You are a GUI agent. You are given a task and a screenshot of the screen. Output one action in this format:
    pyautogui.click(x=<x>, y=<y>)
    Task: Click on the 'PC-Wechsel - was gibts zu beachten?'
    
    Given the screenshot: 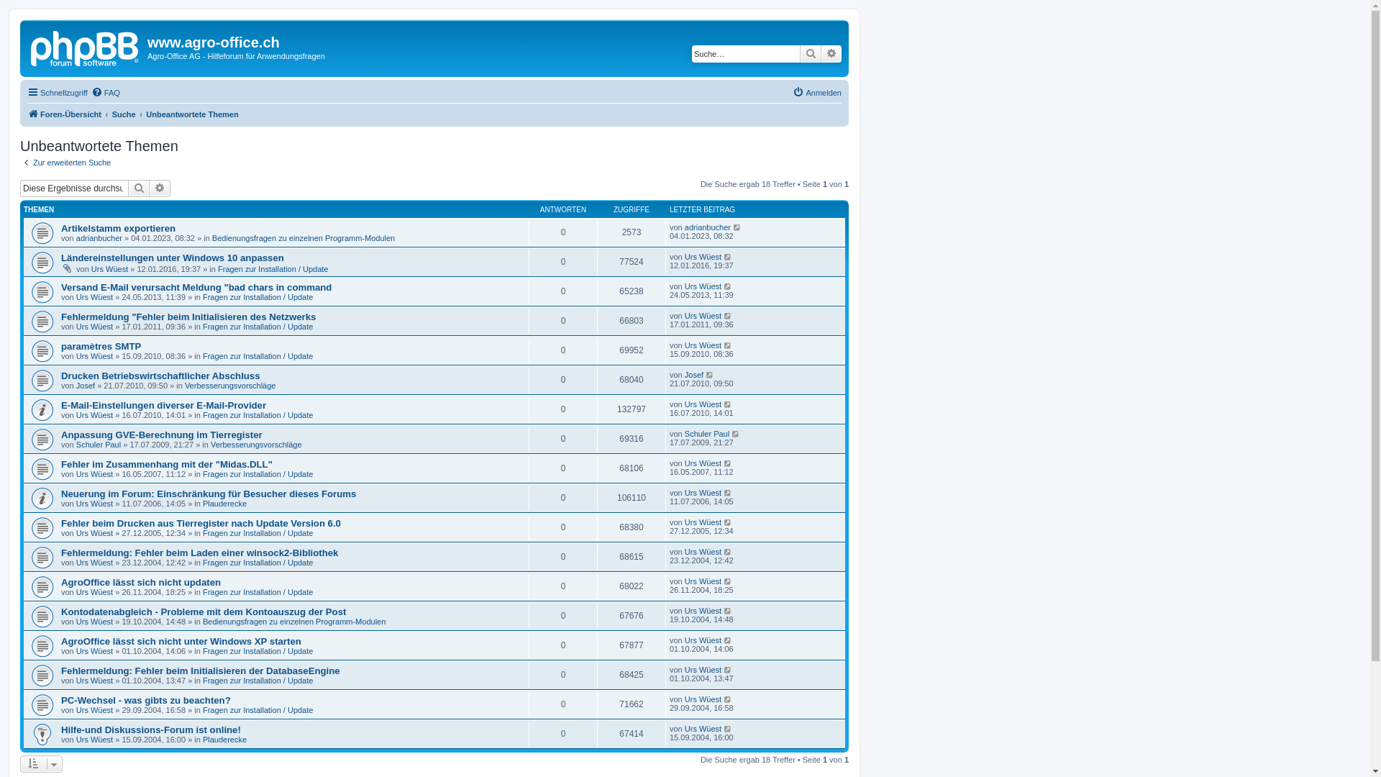 What is the action you would take?
    pyautogui.click(x=145, y=699)
    